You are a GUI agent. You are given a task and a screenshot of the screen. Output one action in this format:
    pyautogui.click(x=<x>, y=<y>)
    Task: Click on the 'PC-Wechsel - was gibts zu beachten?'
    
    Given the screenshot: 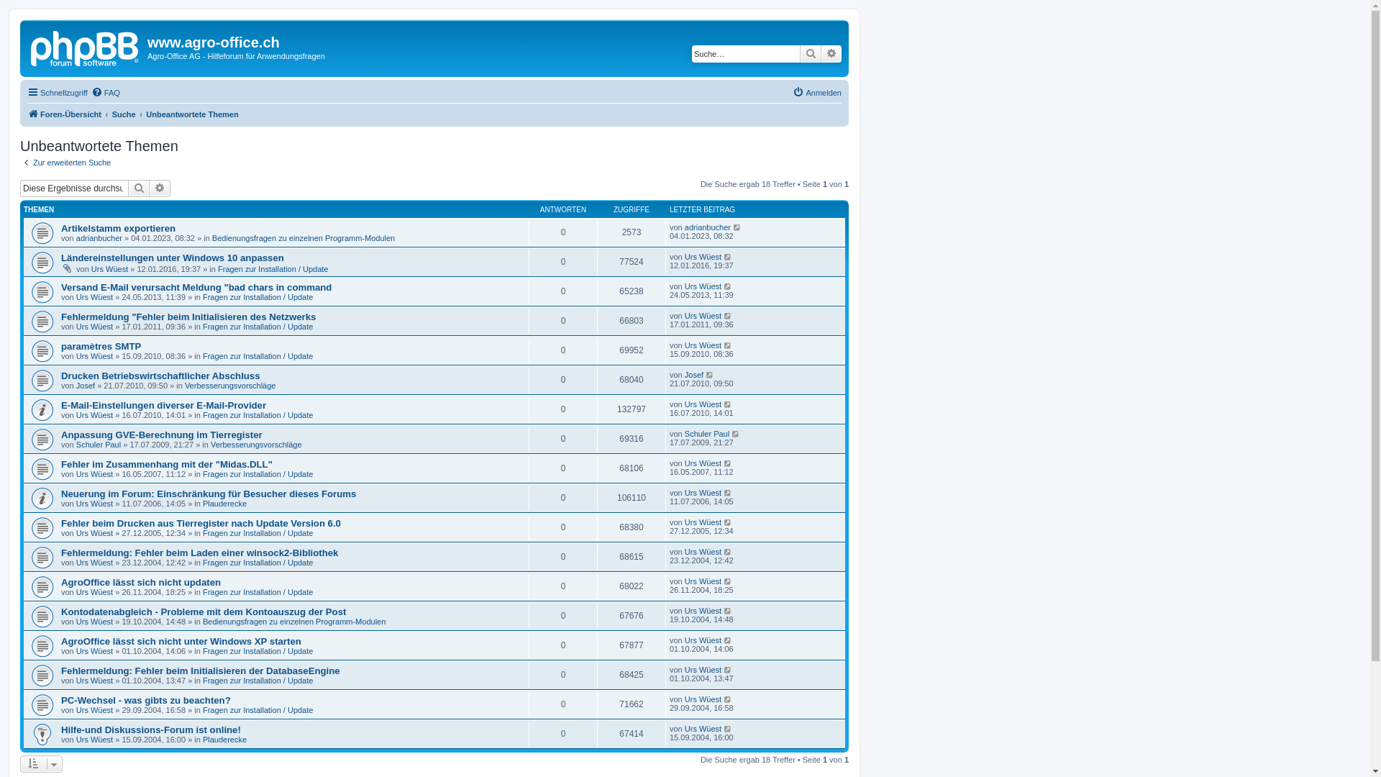 What is the action you would take?
    pyautogui.click(x=145, y=699)
    